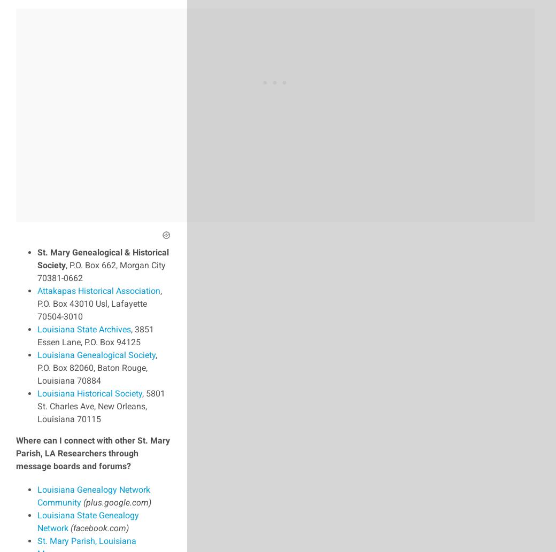  I want to click on 'Louisiana State Archives', so click(84, 328).